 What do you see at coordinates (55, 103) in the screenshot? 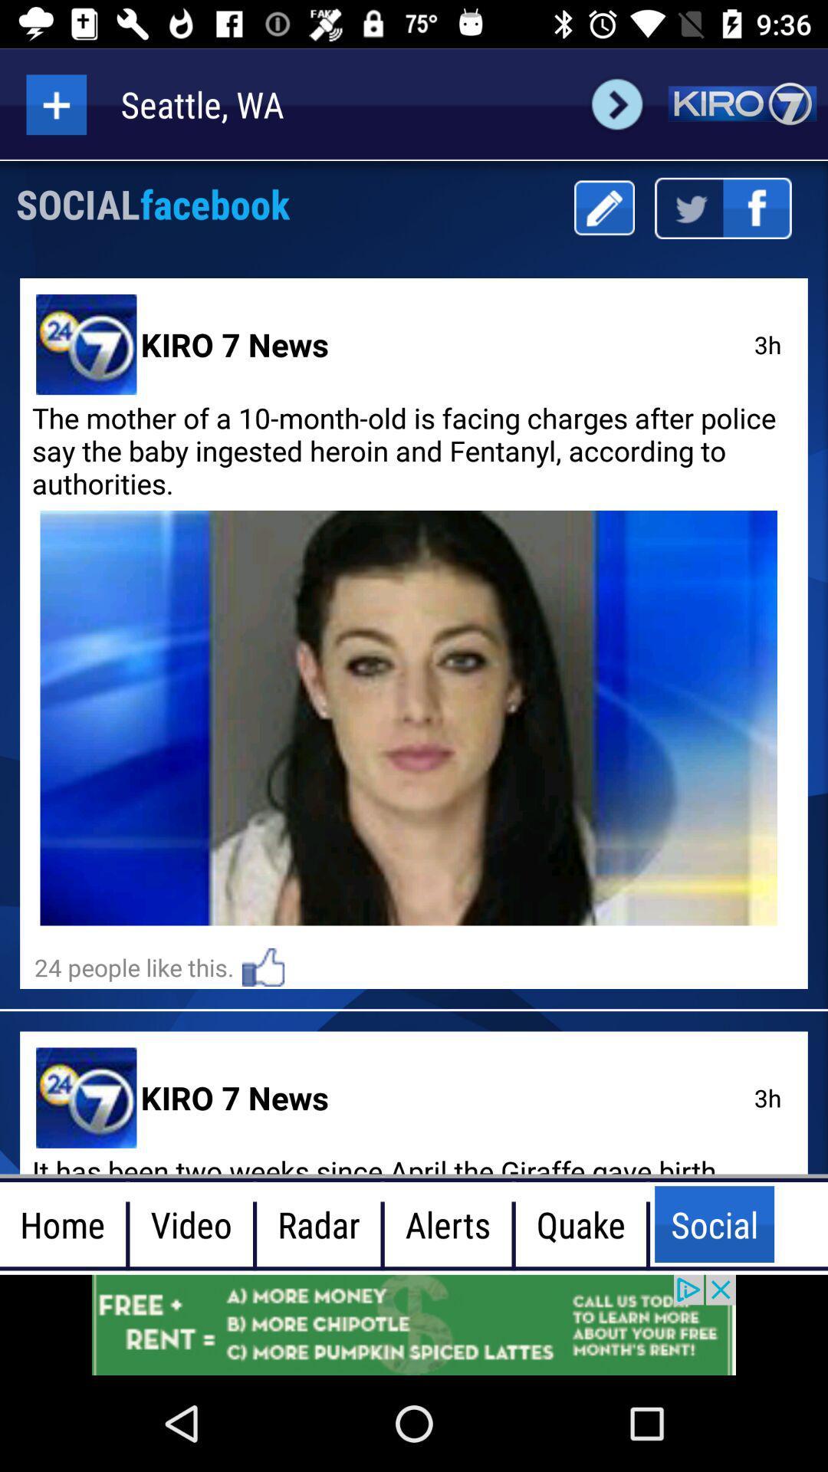
I see `the add icon` at bounding box center [55, 103].